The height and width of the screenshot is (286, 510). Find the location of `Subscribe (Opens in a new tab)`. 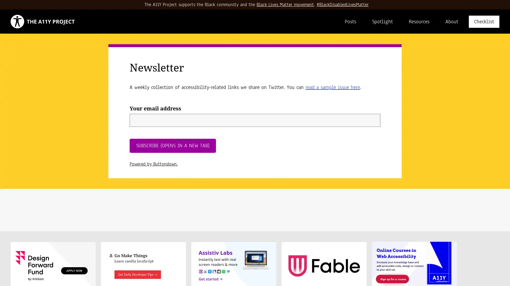

Subscribe (Opens in a new tab) is located at coordinates (173, 146).